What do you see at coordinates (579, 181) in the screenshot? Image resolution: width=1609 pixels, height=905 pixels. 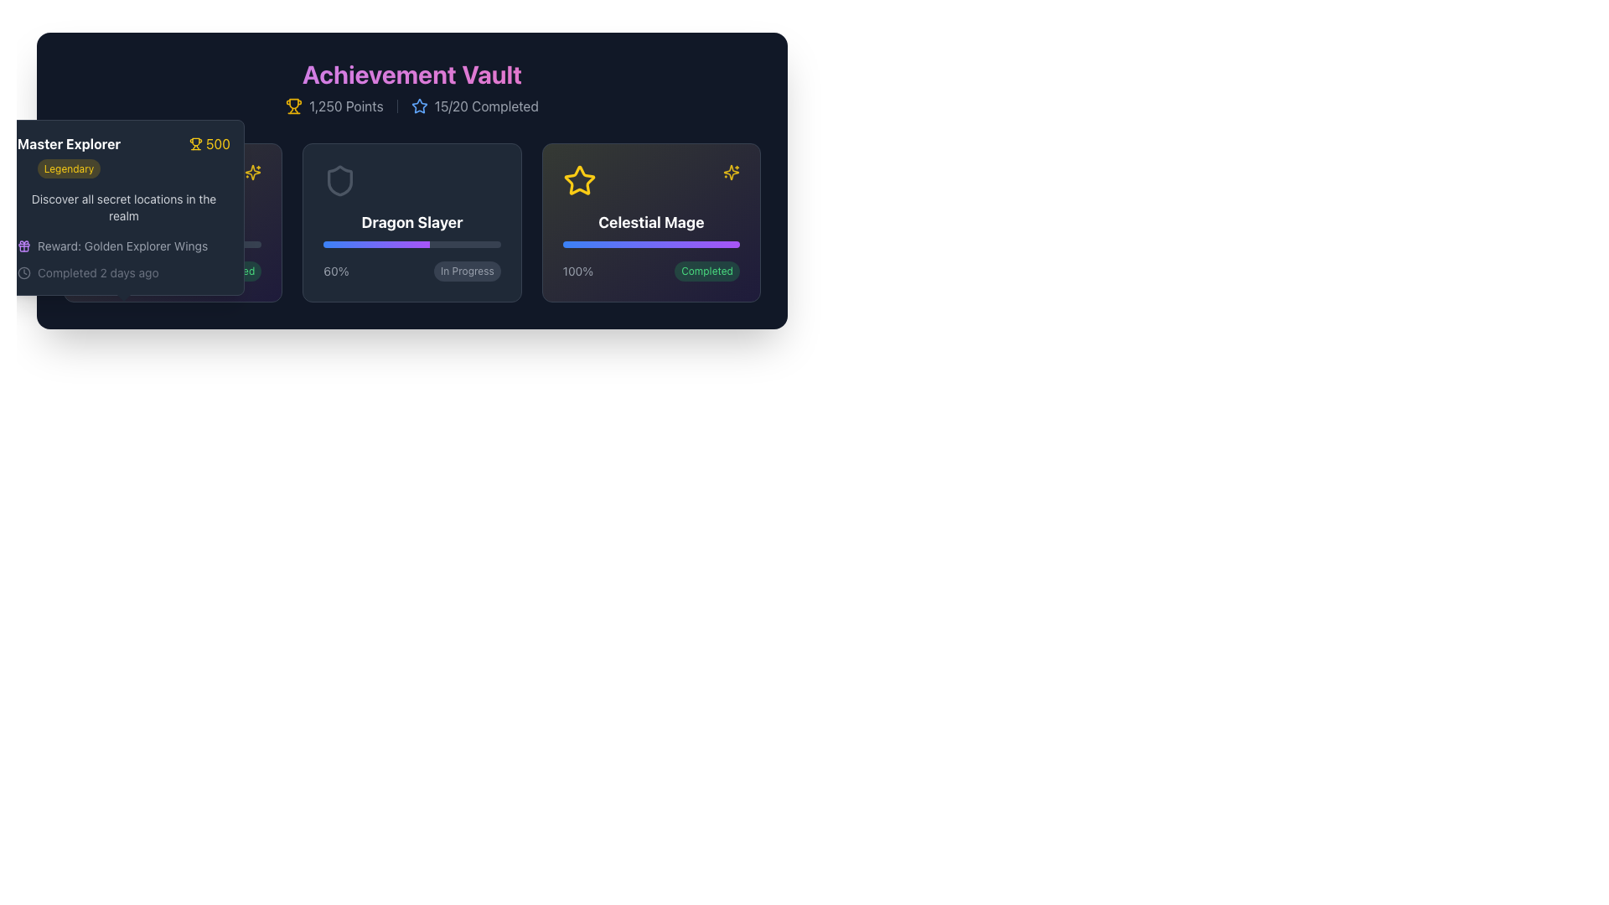 I see `the stylized yellow star icon associated with the title 'Celestial Mage', located at the top left of the card` at bounding box center [579, 181].